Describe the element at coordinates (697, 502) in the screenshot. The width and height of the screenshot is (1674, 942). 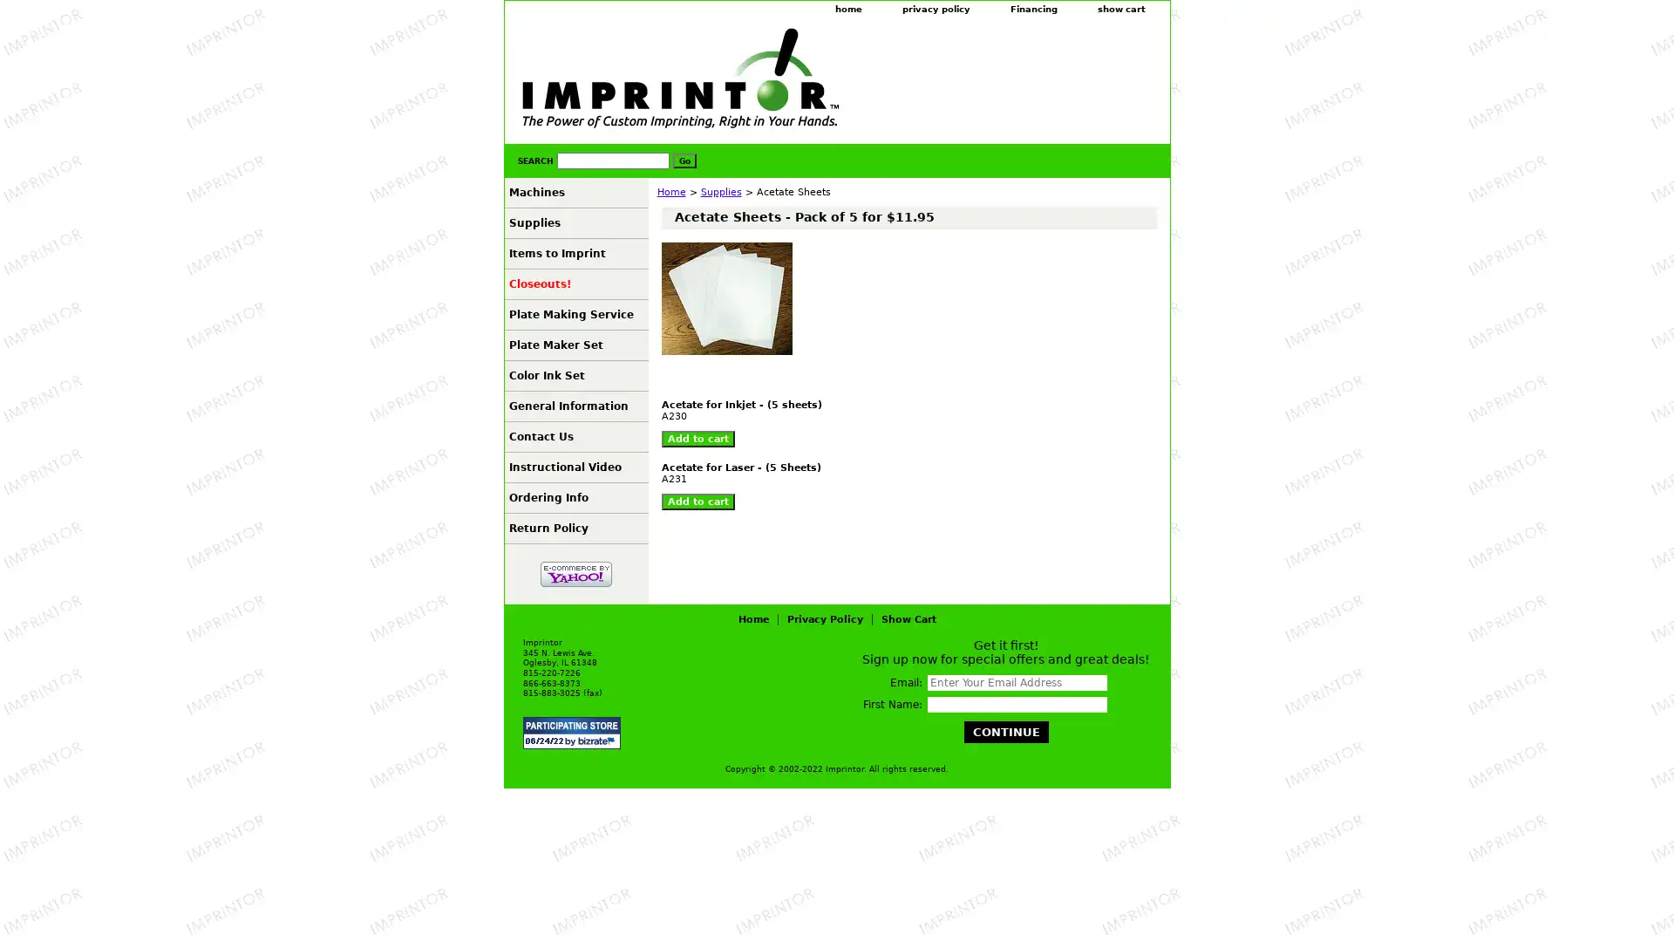
I see `Add to cart` at that location.